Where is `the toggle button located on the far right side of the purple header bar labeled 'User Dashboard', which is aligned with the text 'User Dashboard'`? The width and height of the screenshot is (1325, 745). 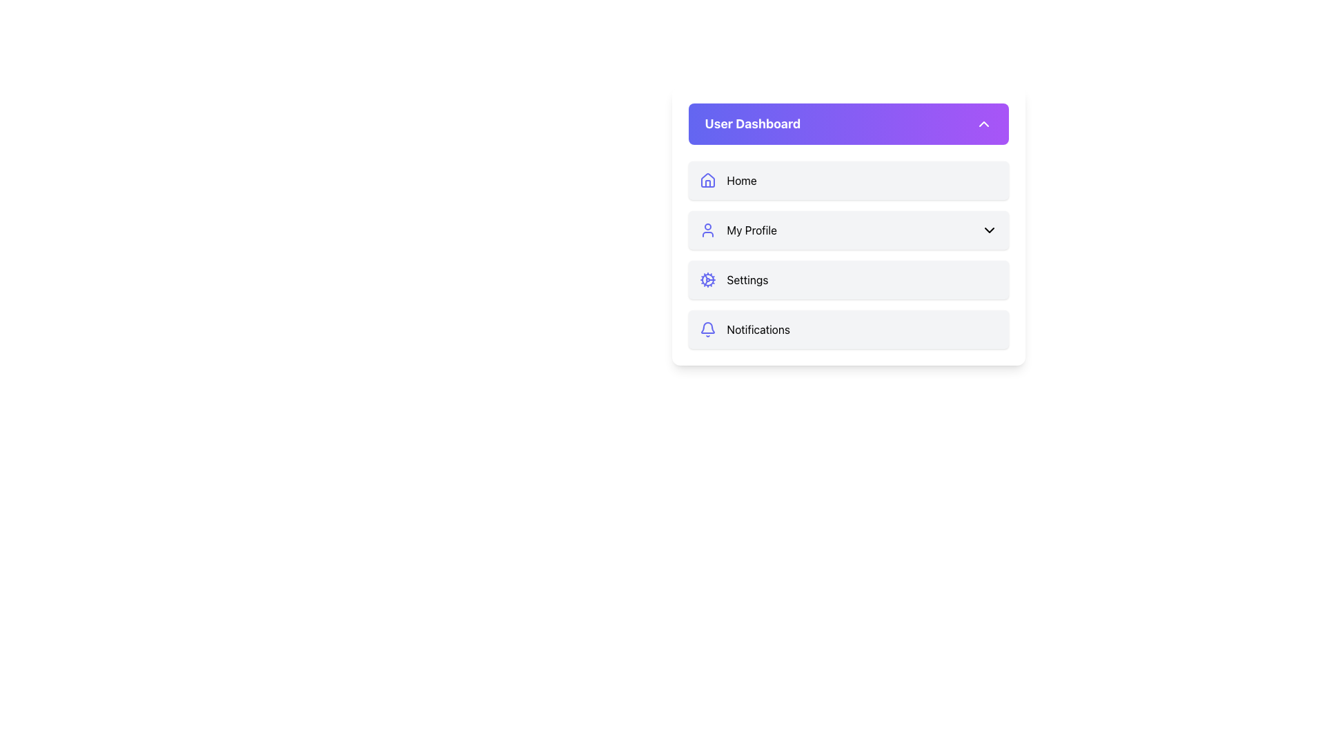
the toggle button located on the far right side of the purple header bar labeled 'User Dashboard', which is aligned with the text 'User Dashboard' is located at coordinates (983, 124).